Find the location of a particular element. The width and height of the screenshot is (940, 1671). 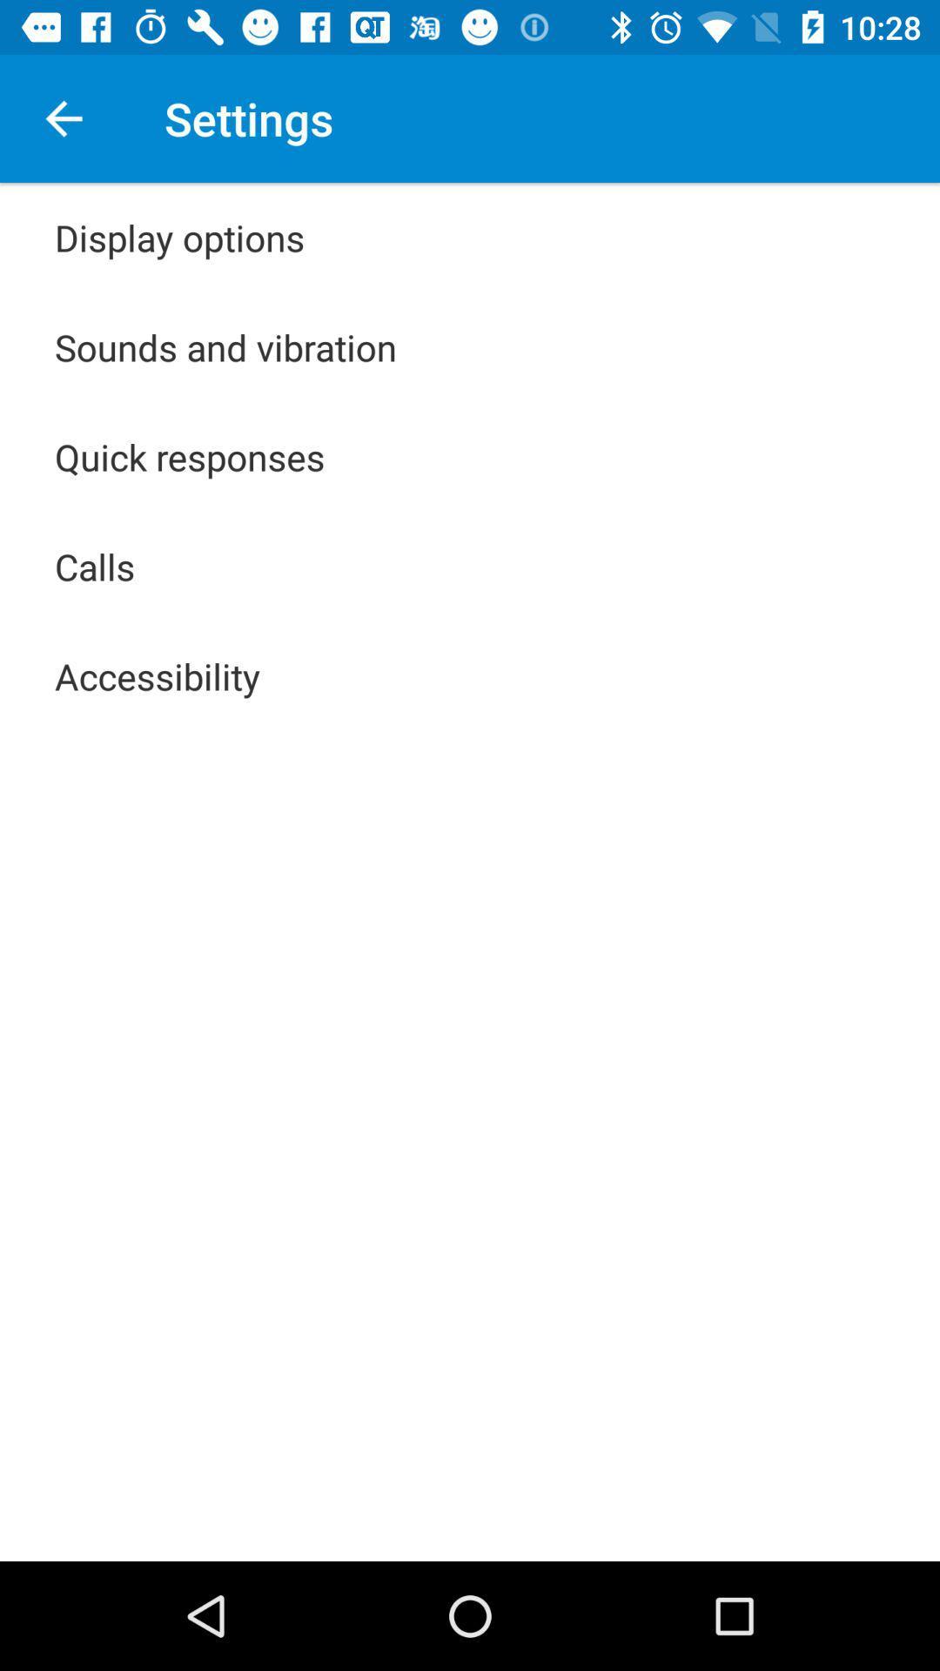

item above the quick responses item is located at coordinates (225, 346).